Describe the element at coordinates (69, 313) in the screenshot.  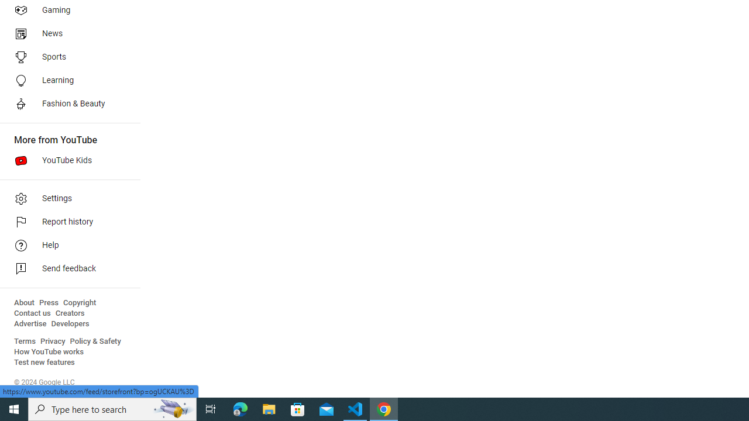
I see `'Creators'` at that location.